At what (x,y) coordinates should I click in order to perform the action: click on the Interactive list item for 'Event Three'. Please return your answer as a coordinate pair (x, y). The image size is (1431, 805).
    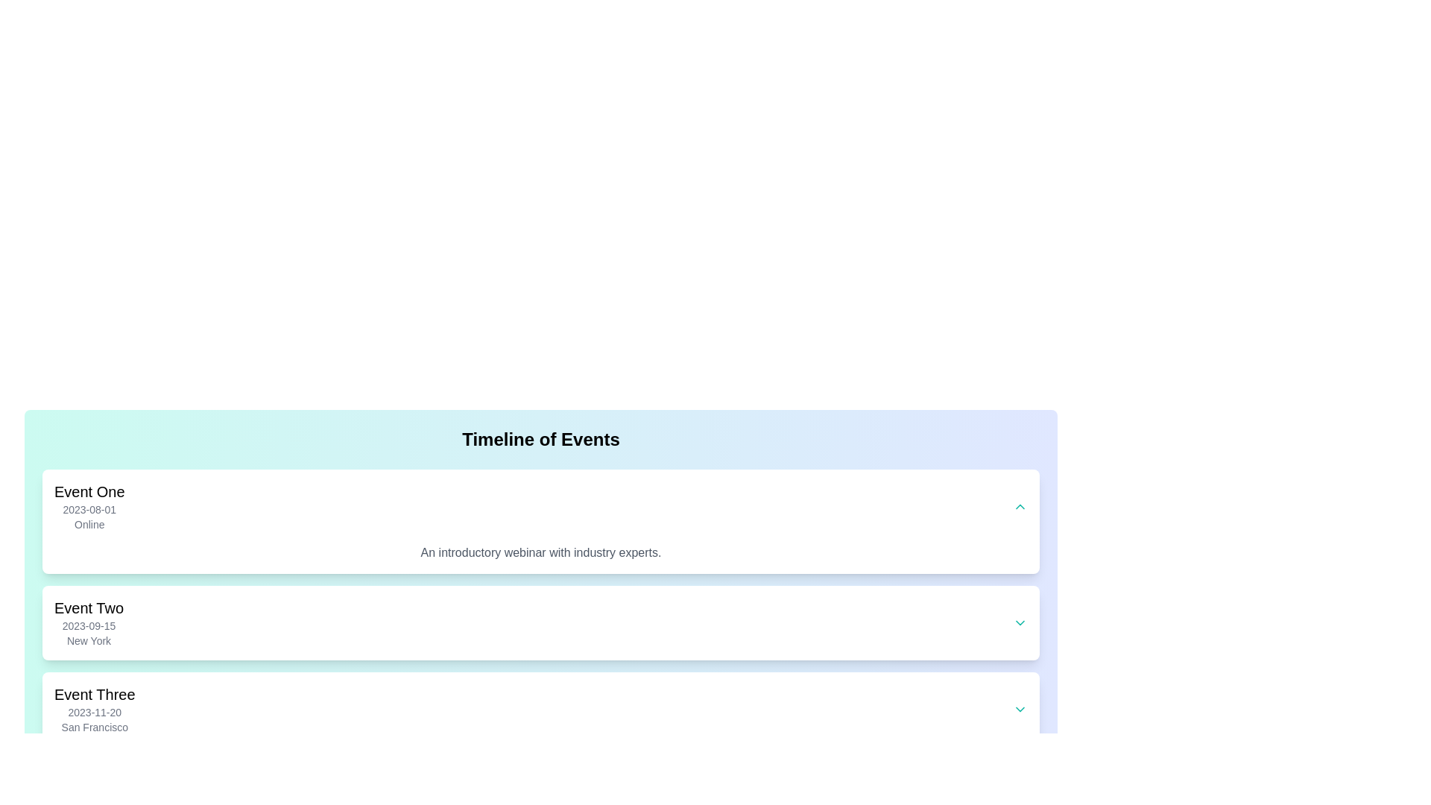
    Looking at the image, I should click on (540, 709).